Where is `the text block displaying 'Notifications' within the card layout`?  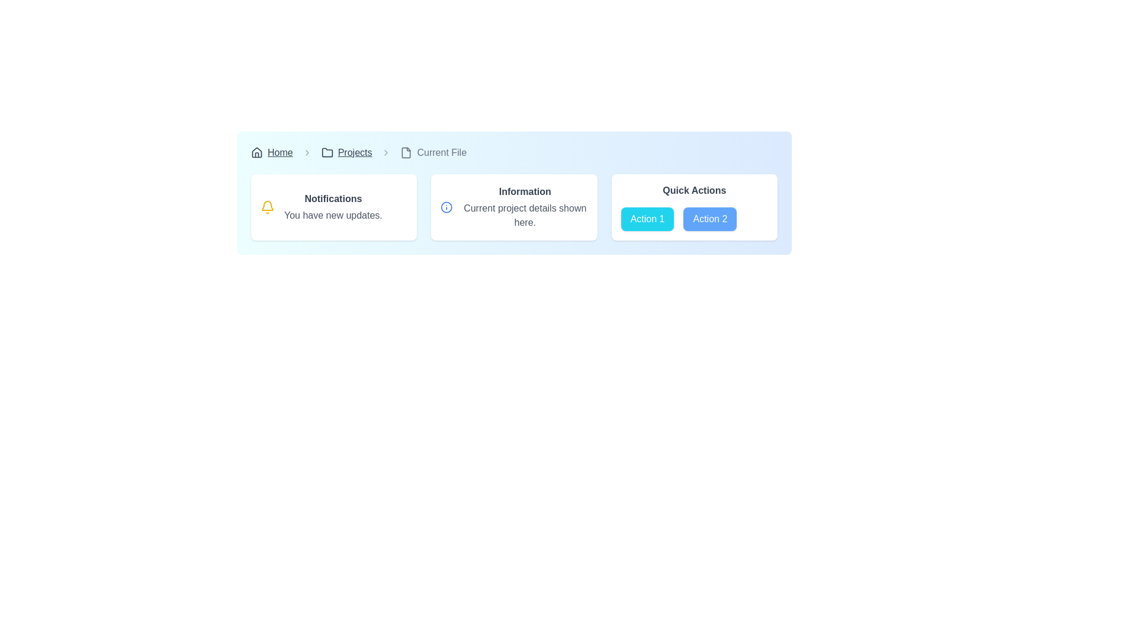 the text block displaying 'Notifications' within the card layout is located at coordinates (332, 207).